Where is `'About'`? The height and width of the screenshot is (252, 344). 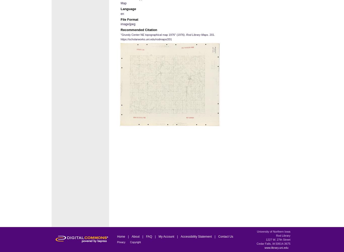 'About' is located at coordinates (136, 236).